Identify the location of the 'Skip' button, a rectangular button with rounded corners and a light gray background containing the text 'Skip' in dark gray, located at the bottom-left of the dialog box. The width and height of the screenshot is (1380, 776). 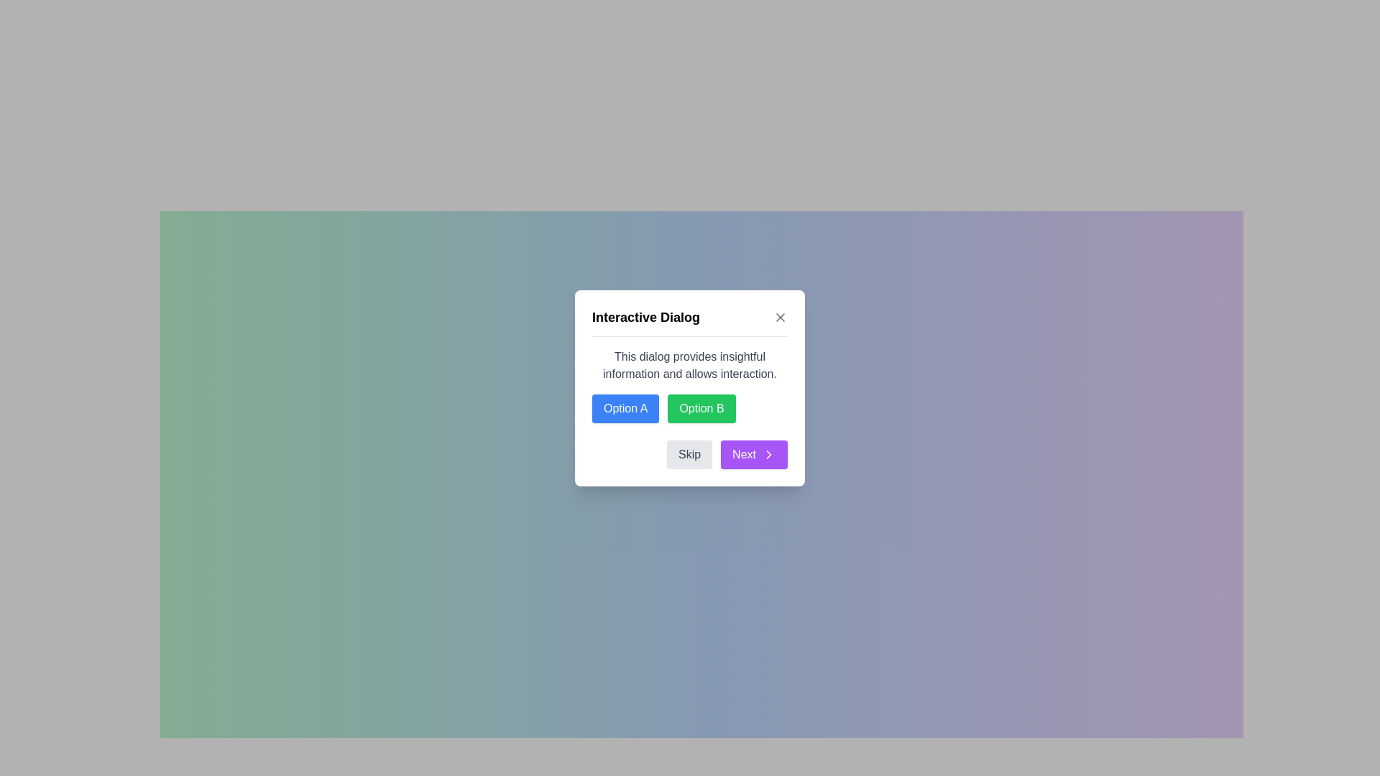
(689, 454).